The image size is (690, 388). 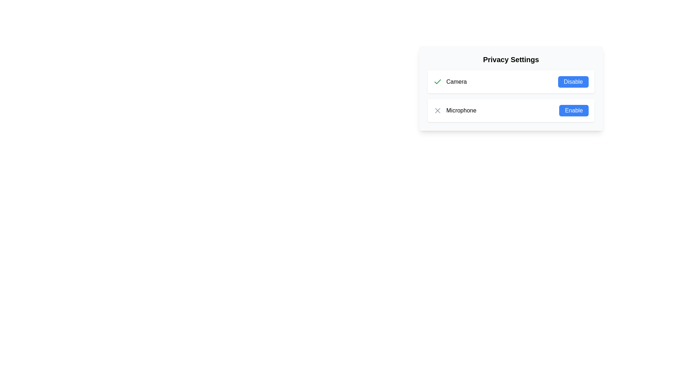 I want to click on the text label displaying 'Camera', which is aligned horizontally next to a green checkmark icon and a blue 'Disable' button in the 'Privacy Settings' row, so click(x=456, y=81).